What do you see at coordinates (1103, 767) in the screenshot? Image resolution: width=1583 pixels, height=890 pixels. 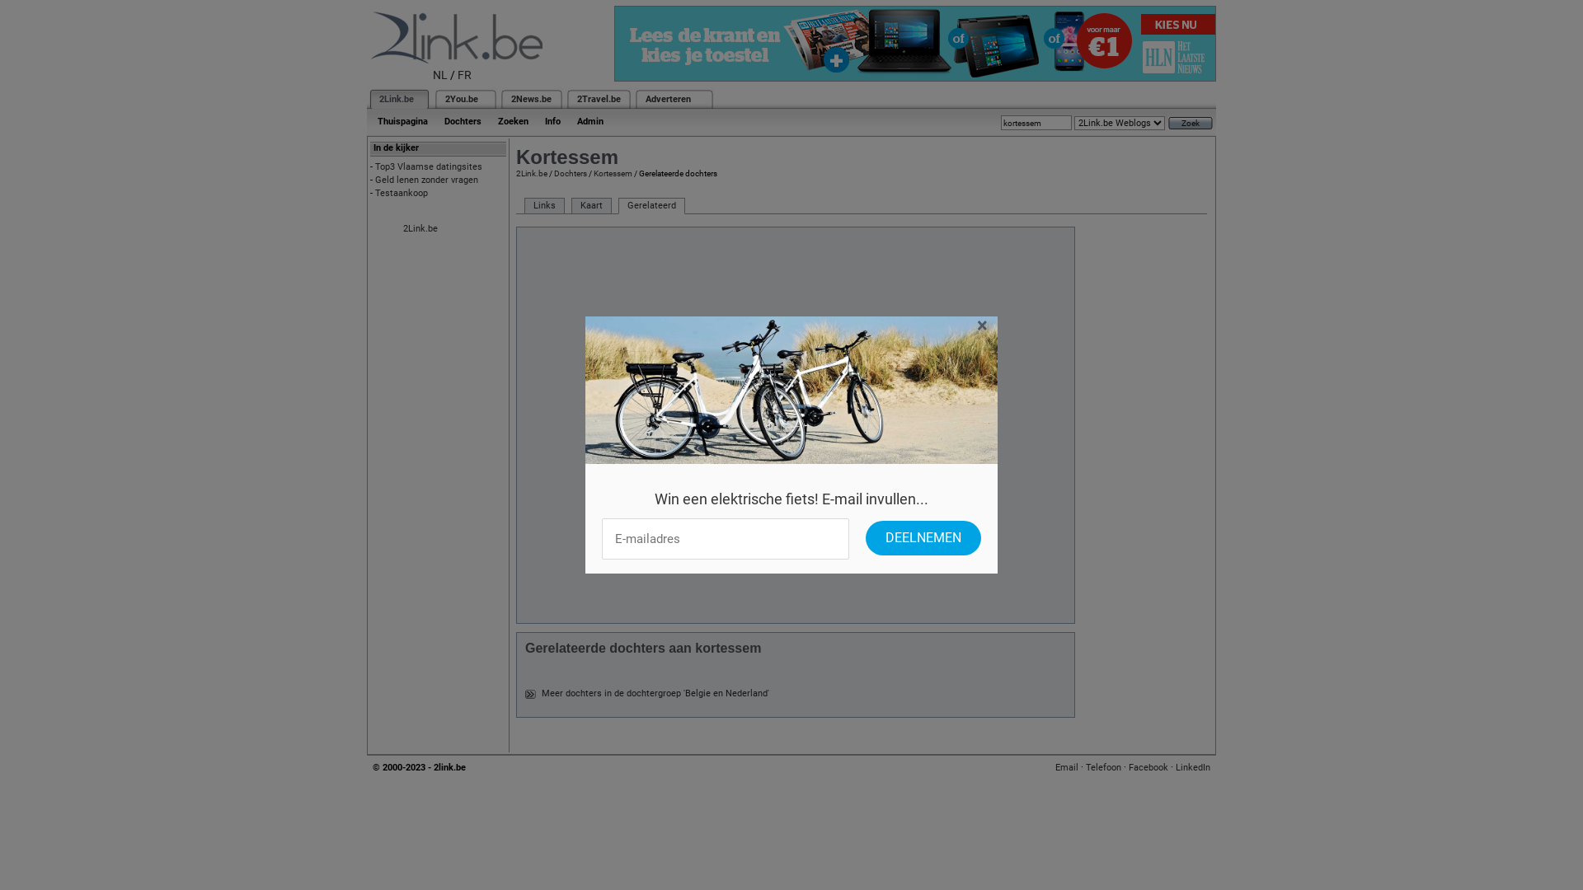 I see `'Telefoon'` at bounding box center [1103, 767].